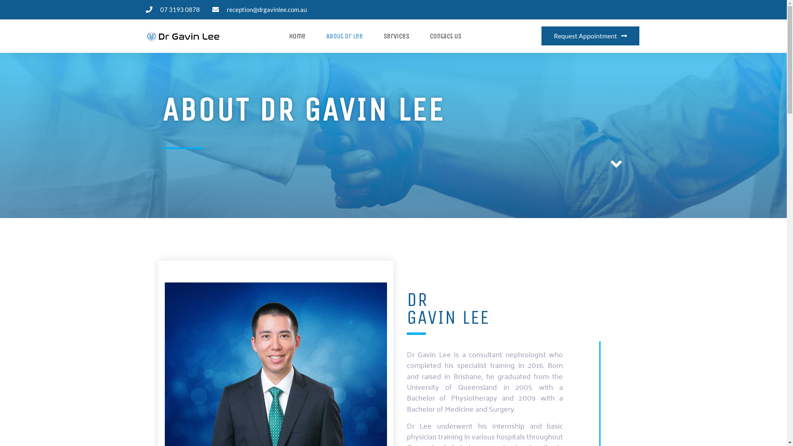  I want to click on '07 3193 0878', so click(172, 9).